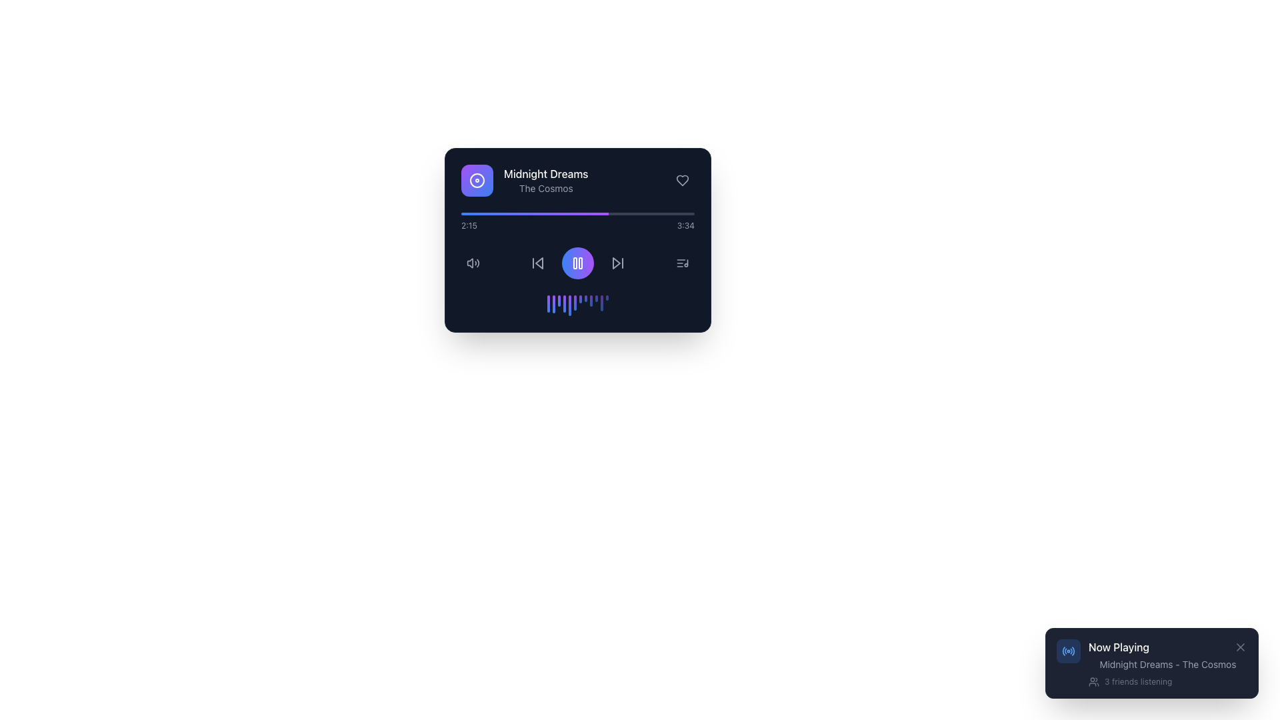 The image size is (1280, 720). What do you see at coordinates (477, 180) in the screenshot?
I see `the square-shaped button with a gradient background and a pulsating white circular icon, located in the top-left corner of the music player card` at bounding box center [477, 180].